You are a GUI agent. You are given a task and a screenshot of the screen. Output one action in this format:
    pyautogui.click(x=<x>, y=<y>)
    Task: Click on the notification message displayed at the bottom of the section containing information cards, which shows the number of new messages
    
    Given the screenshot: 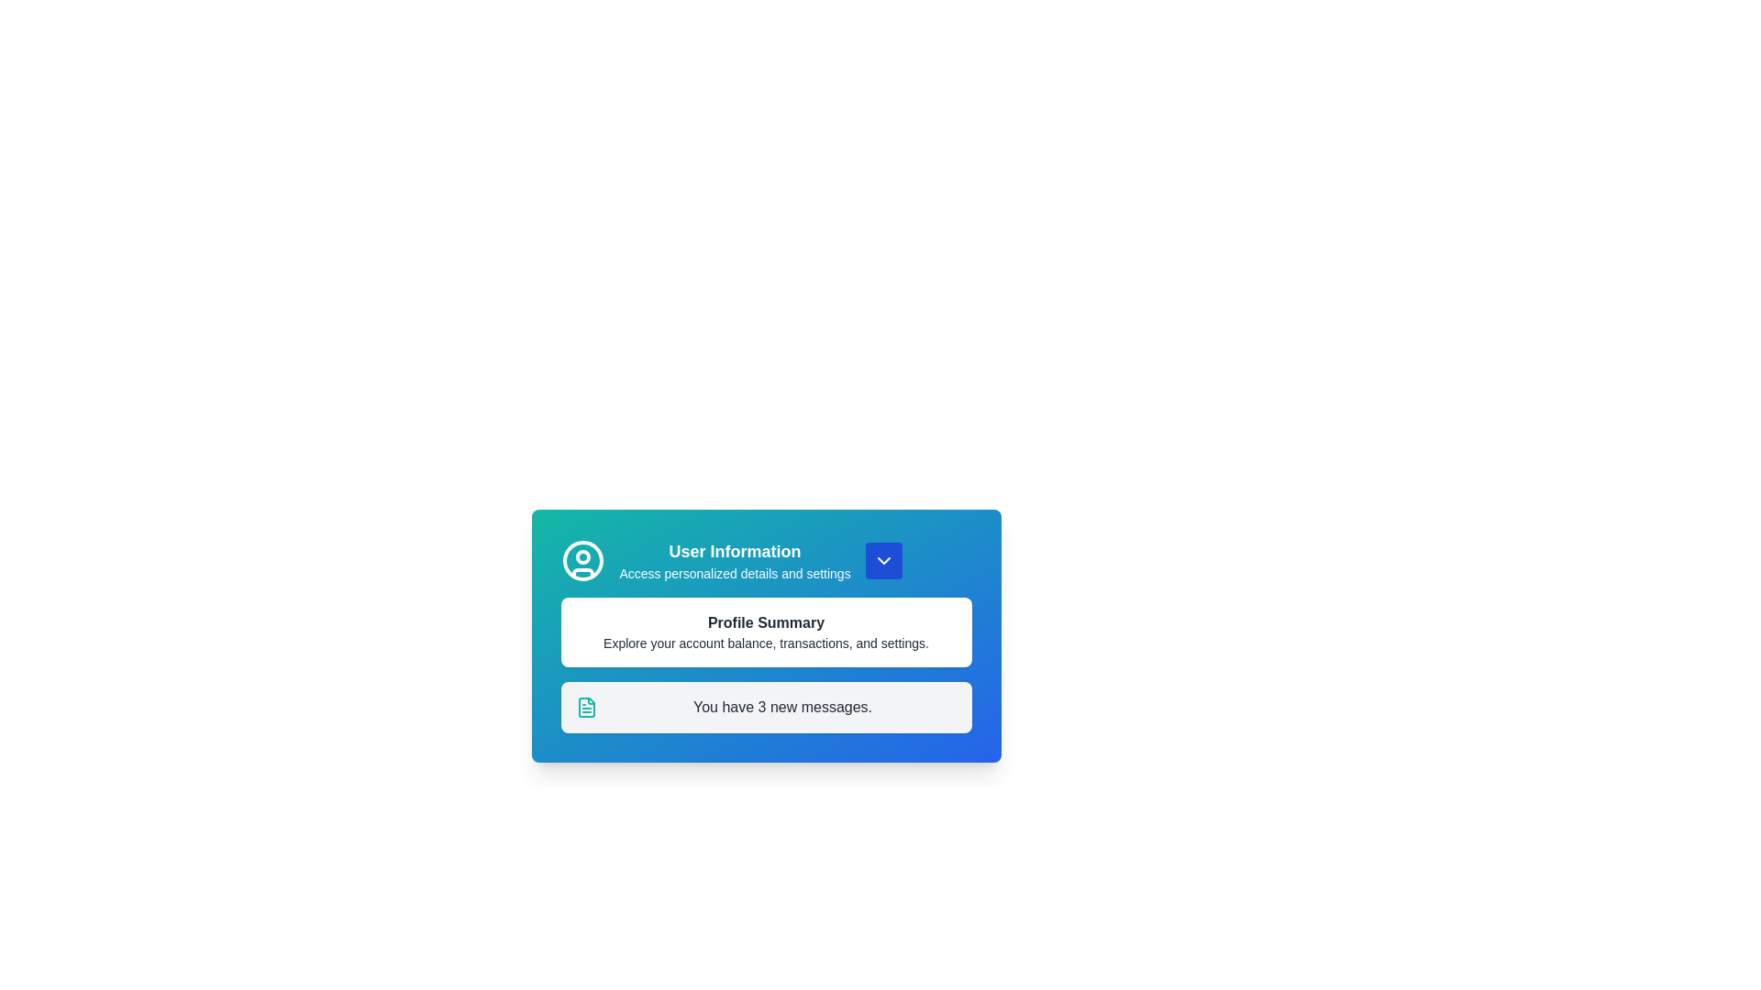 What is the action you would take?
    pyautogui.click(x=782, y=706)
    